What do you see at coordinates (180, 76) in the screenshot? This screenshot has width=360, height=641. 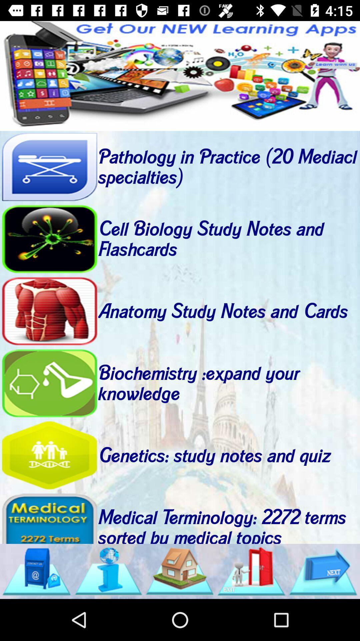 I see `get our new learning apps` at bounding box center [180, 76].